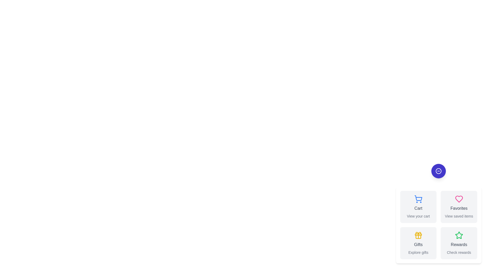  What do you see at coordinates (459, 243) in the screenshot?
I see `the 'Rewards' button to select it` at bounding box center [459, 243].